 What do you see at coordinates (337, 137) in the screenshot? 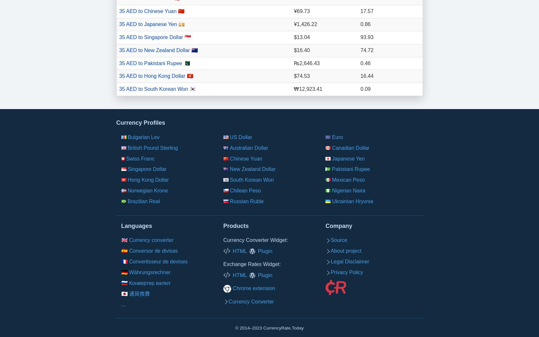
I see `'Euro'` at bounding box center [337, 137].